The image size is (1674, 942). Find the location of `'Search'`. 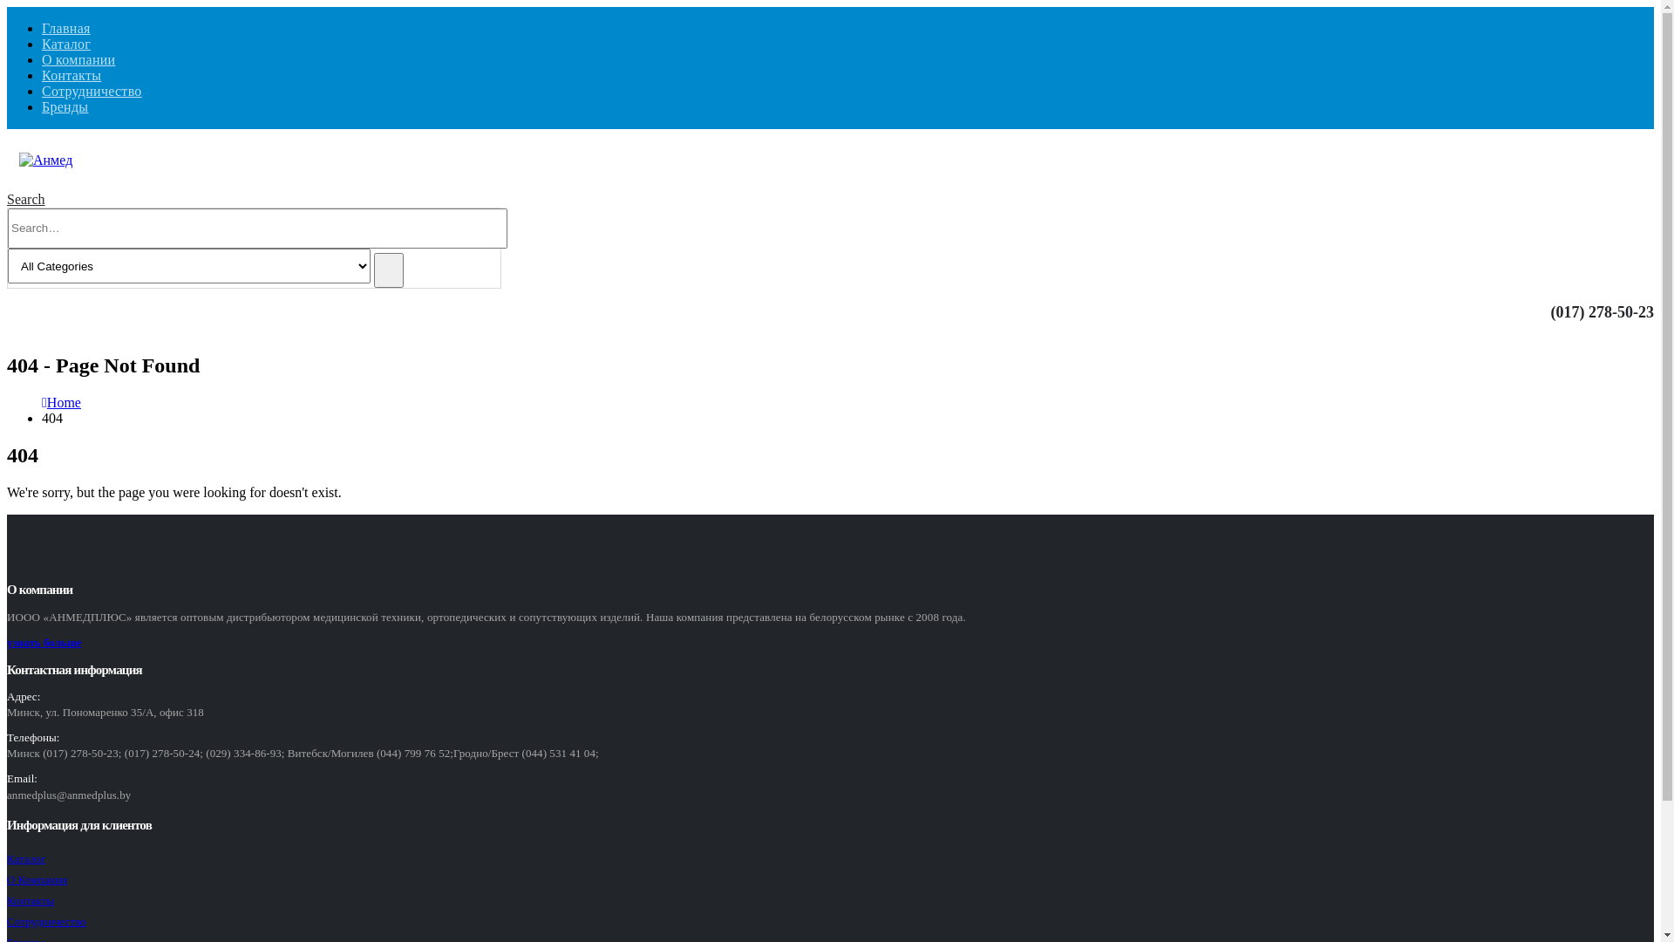

'Search' is located at coordinates (388, 270).